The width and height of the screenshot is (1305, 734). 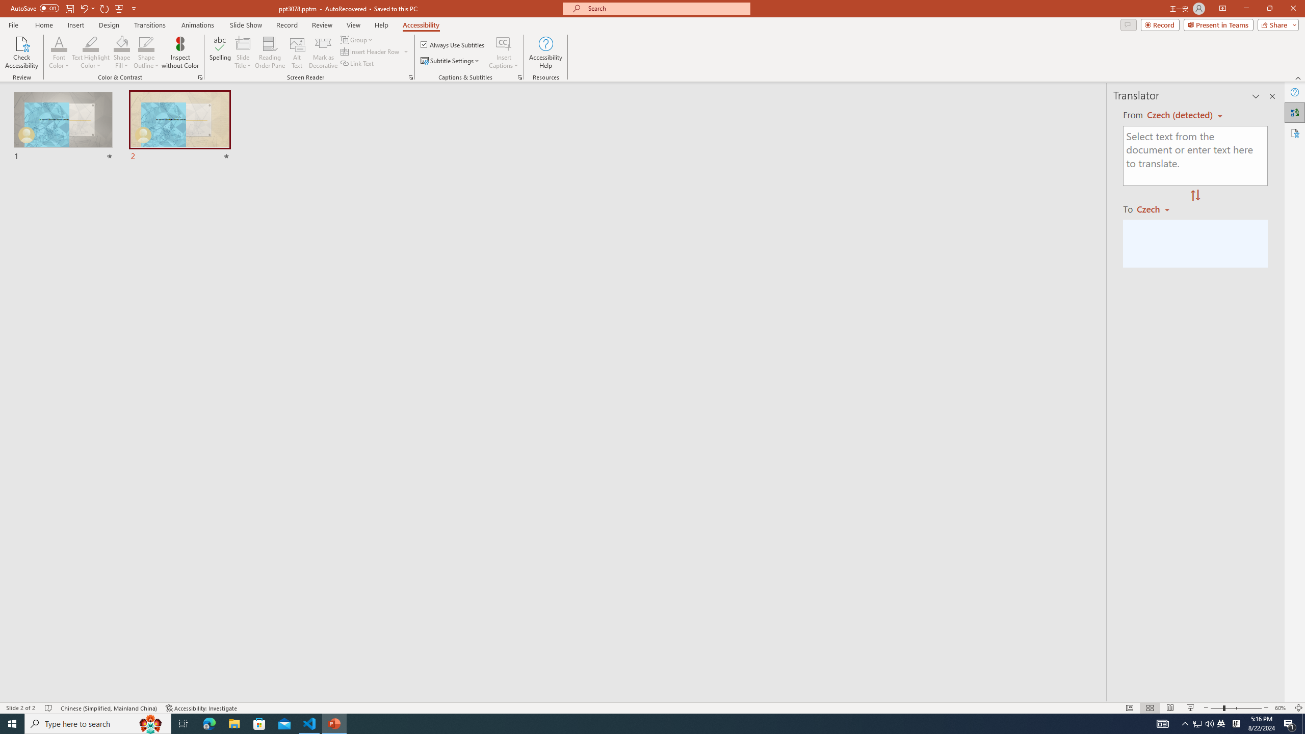 I want to click on 'Accessibility Help', so click(x=546, y=53).